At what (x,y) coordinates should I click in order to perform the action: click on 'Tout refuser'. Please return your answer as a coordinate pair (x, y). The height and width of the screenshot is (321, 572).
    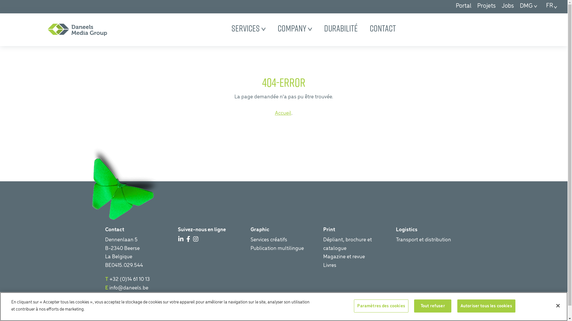
    Looking at the image, I should click on (433, 306).